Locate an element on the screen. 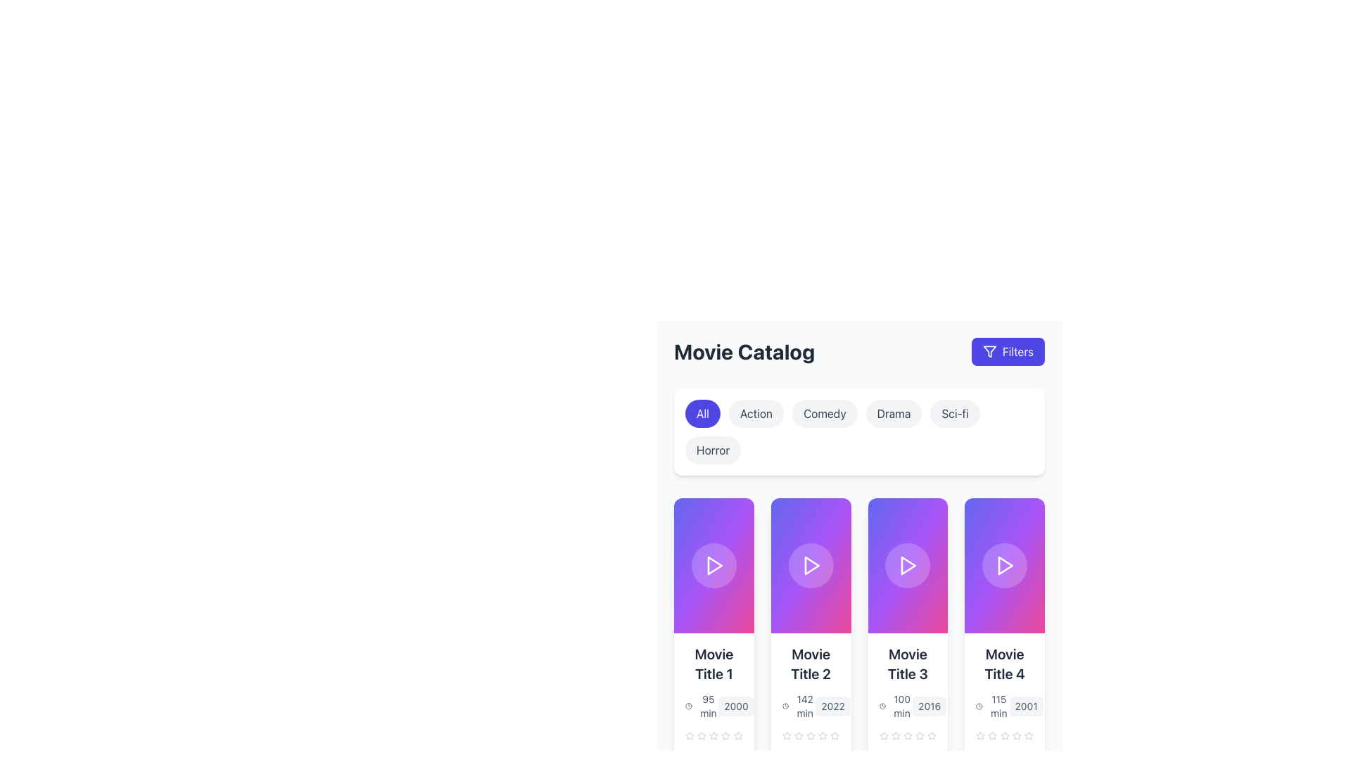 This screenshot has height=760, width=1351. the clock icon, which is styled with thin lines in a circular shape and located to the left of the '100 min' text in the third card of the movie section is located at coordinates (882, 706).